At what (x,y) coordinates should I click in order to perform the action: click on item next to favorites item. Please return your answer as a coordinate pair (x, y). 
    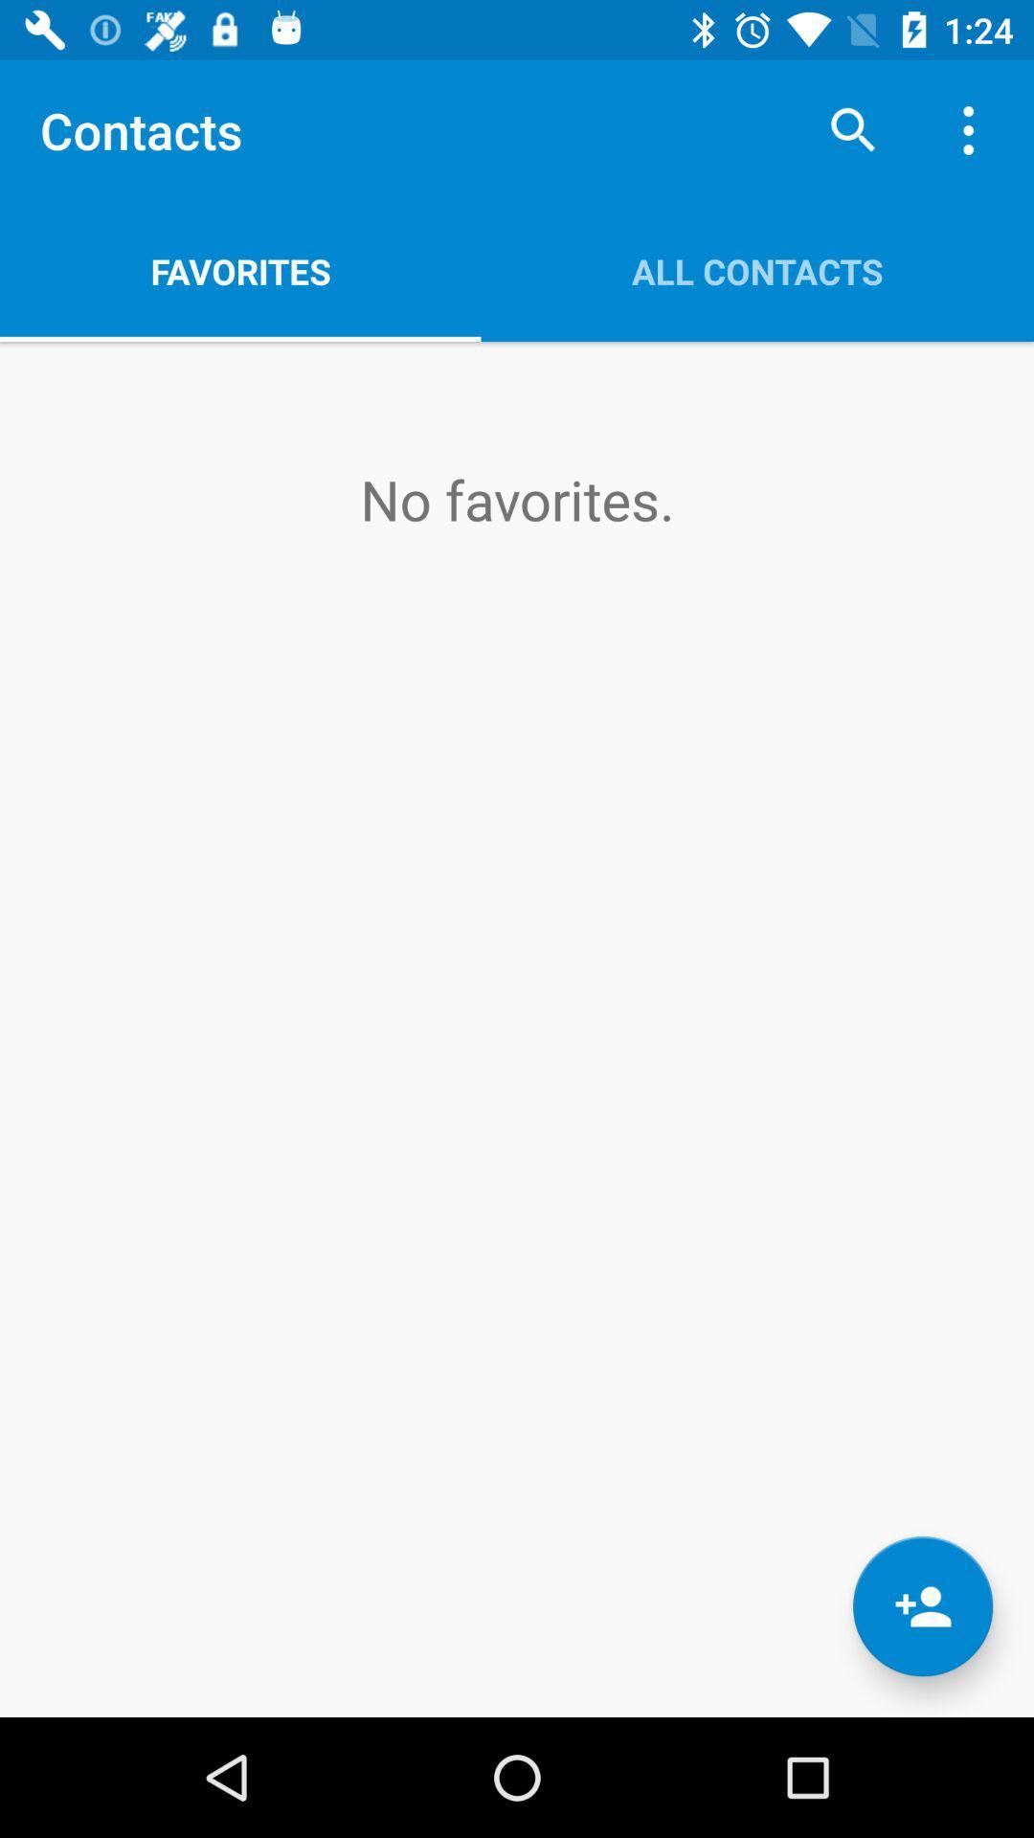
    Looking at the image, I should click on (852, 129).